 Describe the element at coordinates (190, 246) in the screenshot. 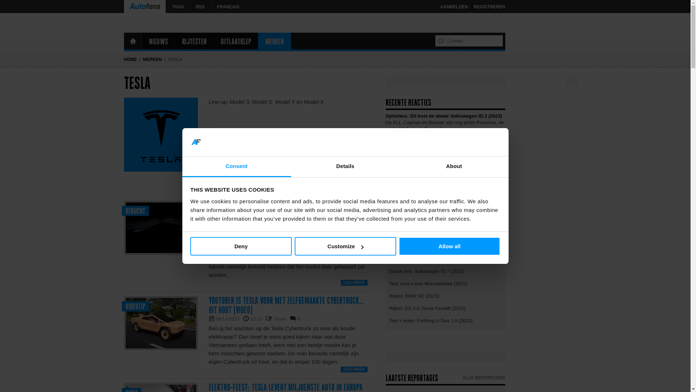

I see `'Deny'` at that location.